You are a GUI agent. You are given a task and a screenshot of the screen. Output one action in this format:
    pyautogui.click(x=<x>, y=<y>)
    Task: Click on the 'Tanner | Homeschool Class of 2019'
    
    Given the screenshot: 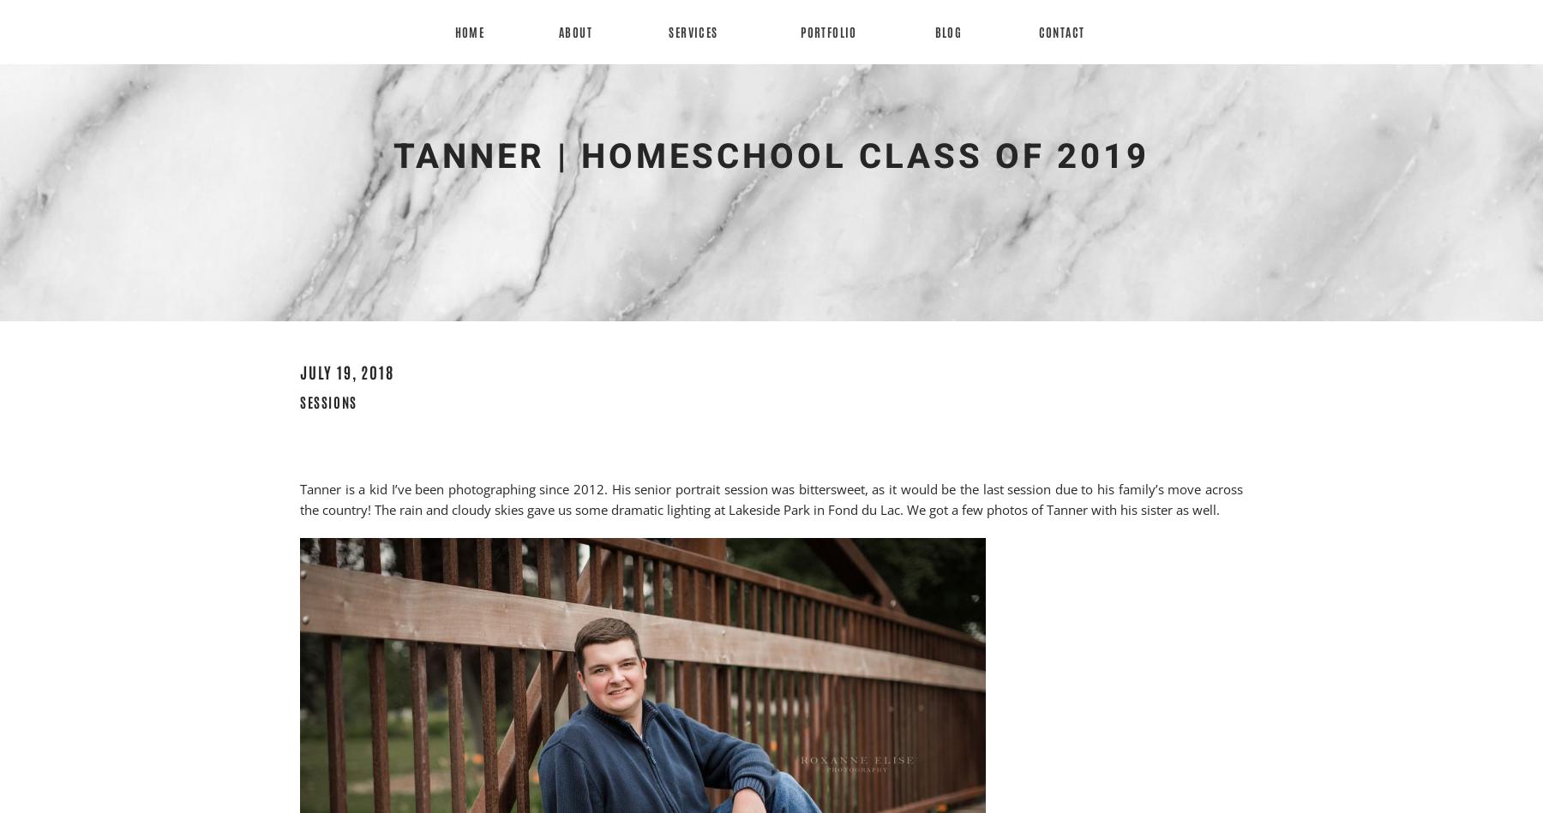 What is the action you would take?
    pyautogui.click(x=771, y=156)
    